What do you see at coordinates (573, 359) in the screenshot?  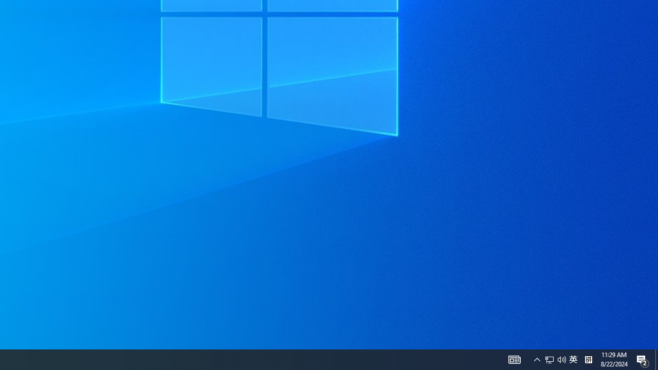 I see `'Tray Input Indicator - Chinese (Simplified, China)'` at bounding box center [573, 359].